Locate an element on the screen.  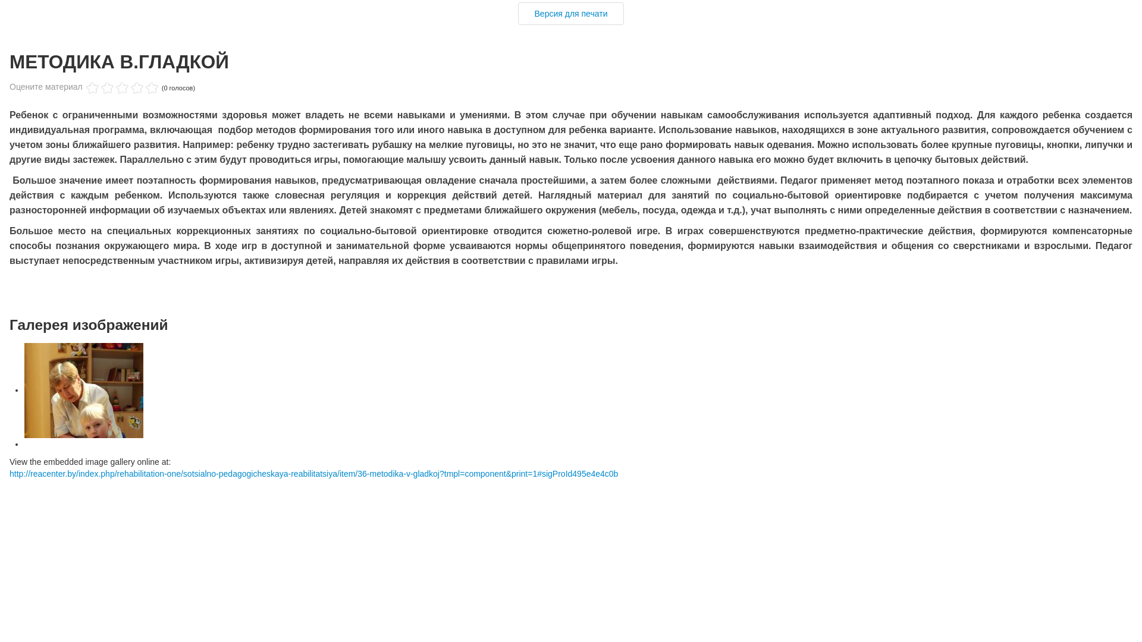
'2' is located at coordinates (100, 87).